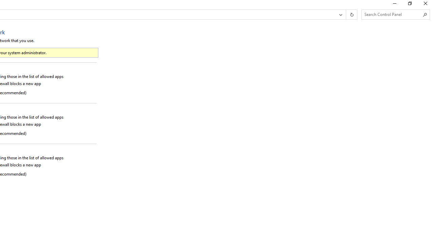 The width and height of the screenshot is (434, 244). I want to click on 'Search', so click(425, 15).